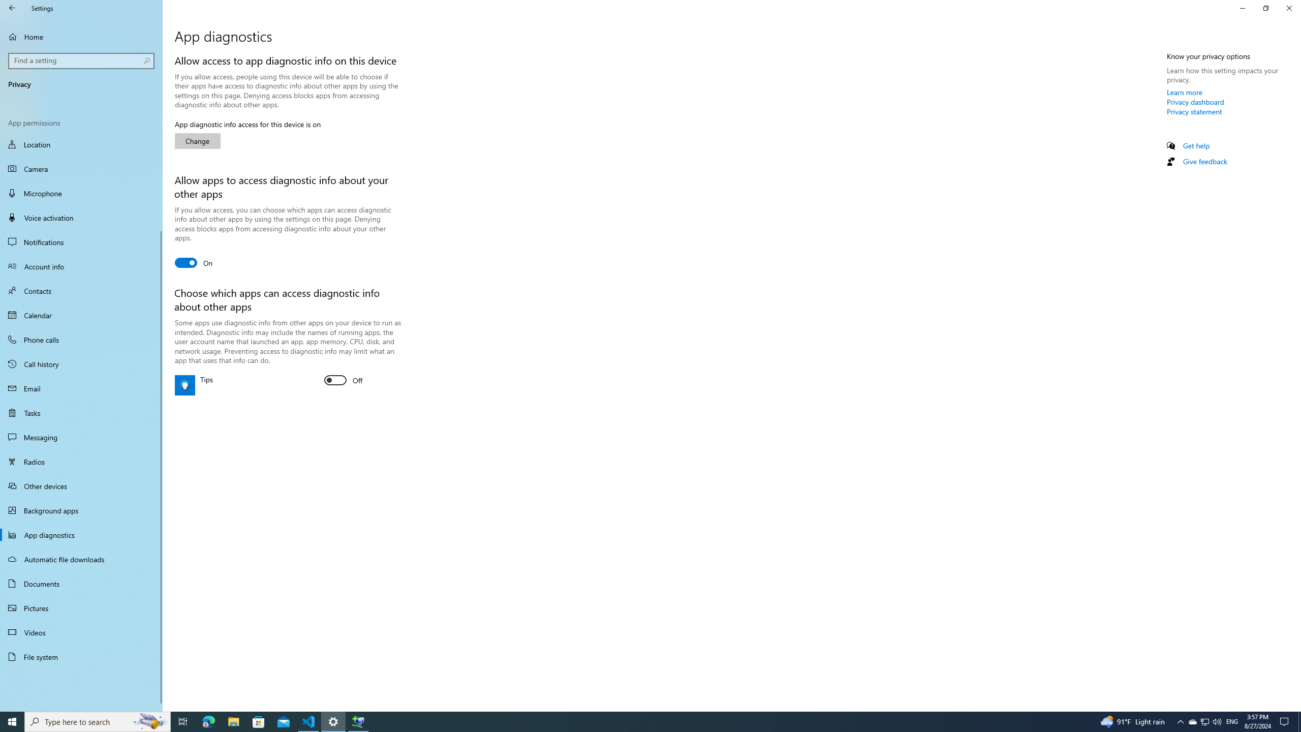 The image size is (1301, 732). What do you see at coordinates (81, 339) in the screenshot?
I see `'Phone calls'` at bounding box center [81, 339].